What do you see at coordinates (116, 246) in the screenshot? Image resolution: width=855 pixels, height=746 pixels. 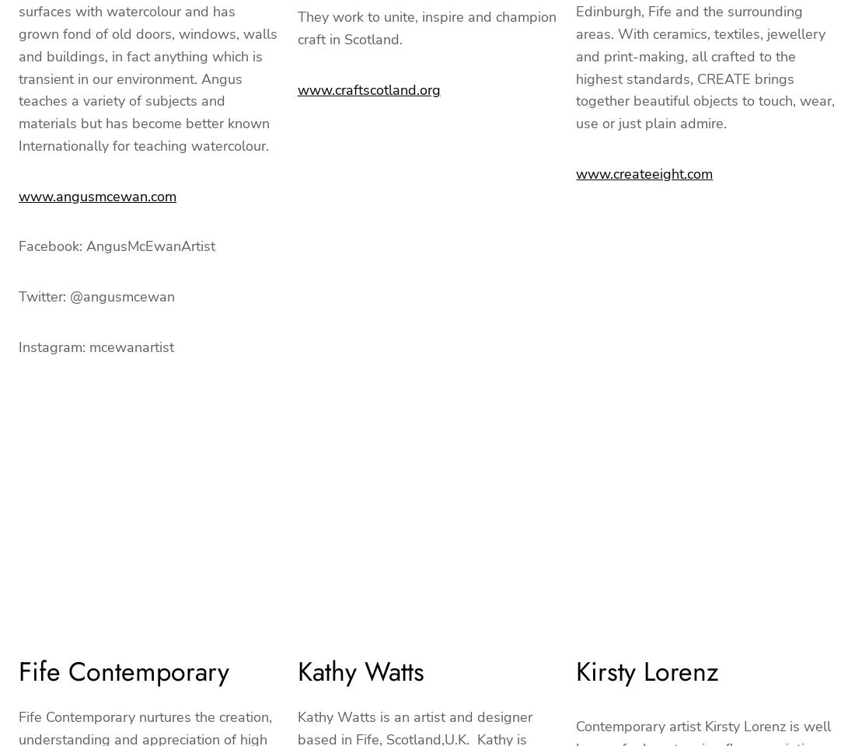 I see `'Facebook: AngusMcEwanArtist'` at bounding box center [116, 246].